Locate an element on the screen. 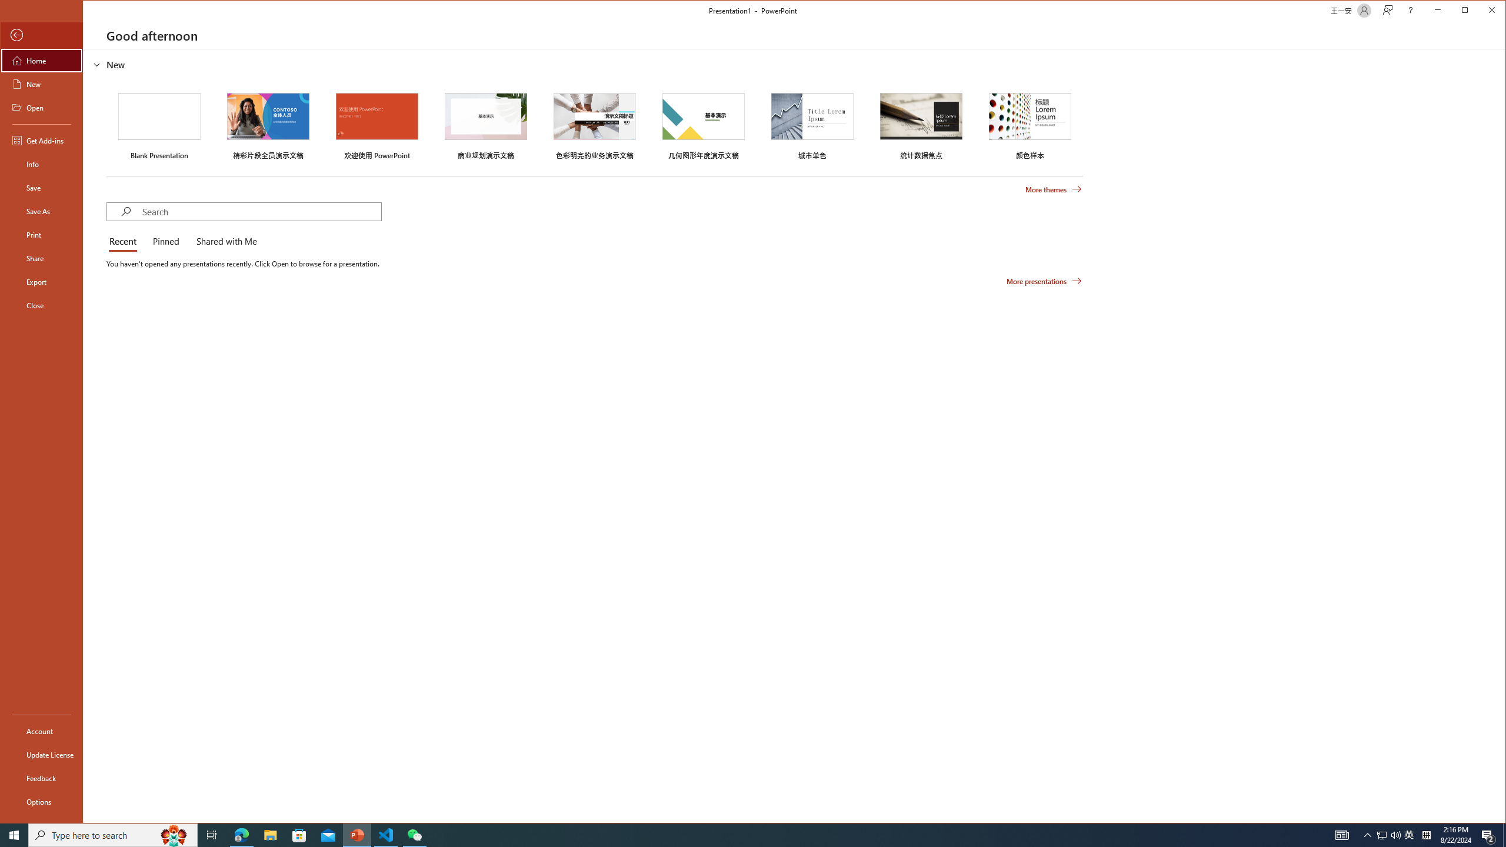  'WeChat - 1 running window' is located at coordinates (415, 834).